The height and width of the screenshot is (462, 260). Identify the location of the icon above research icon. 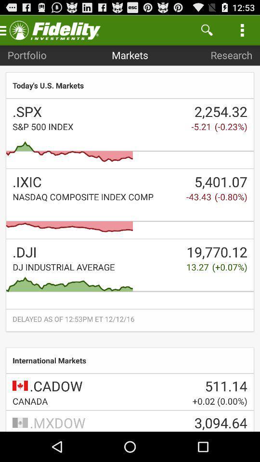
(206, 30).